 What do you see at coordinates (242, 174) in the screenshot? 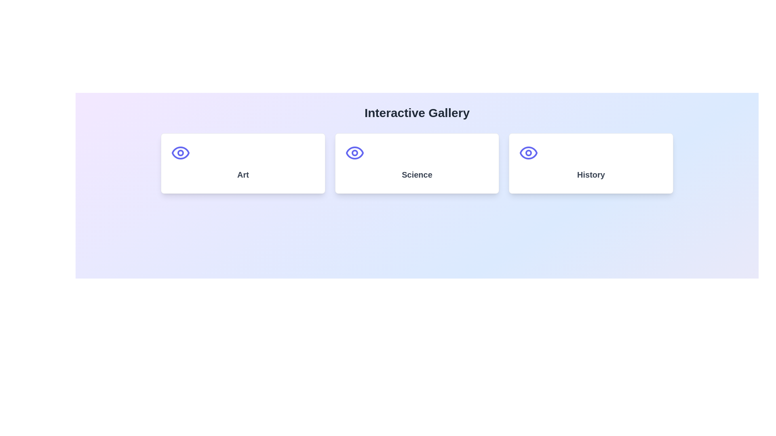
I see `the label element that serves as a title for the first card in a series of three cards, located centrally below the icon and above the descriptive text` at bounding box center [242, 174].